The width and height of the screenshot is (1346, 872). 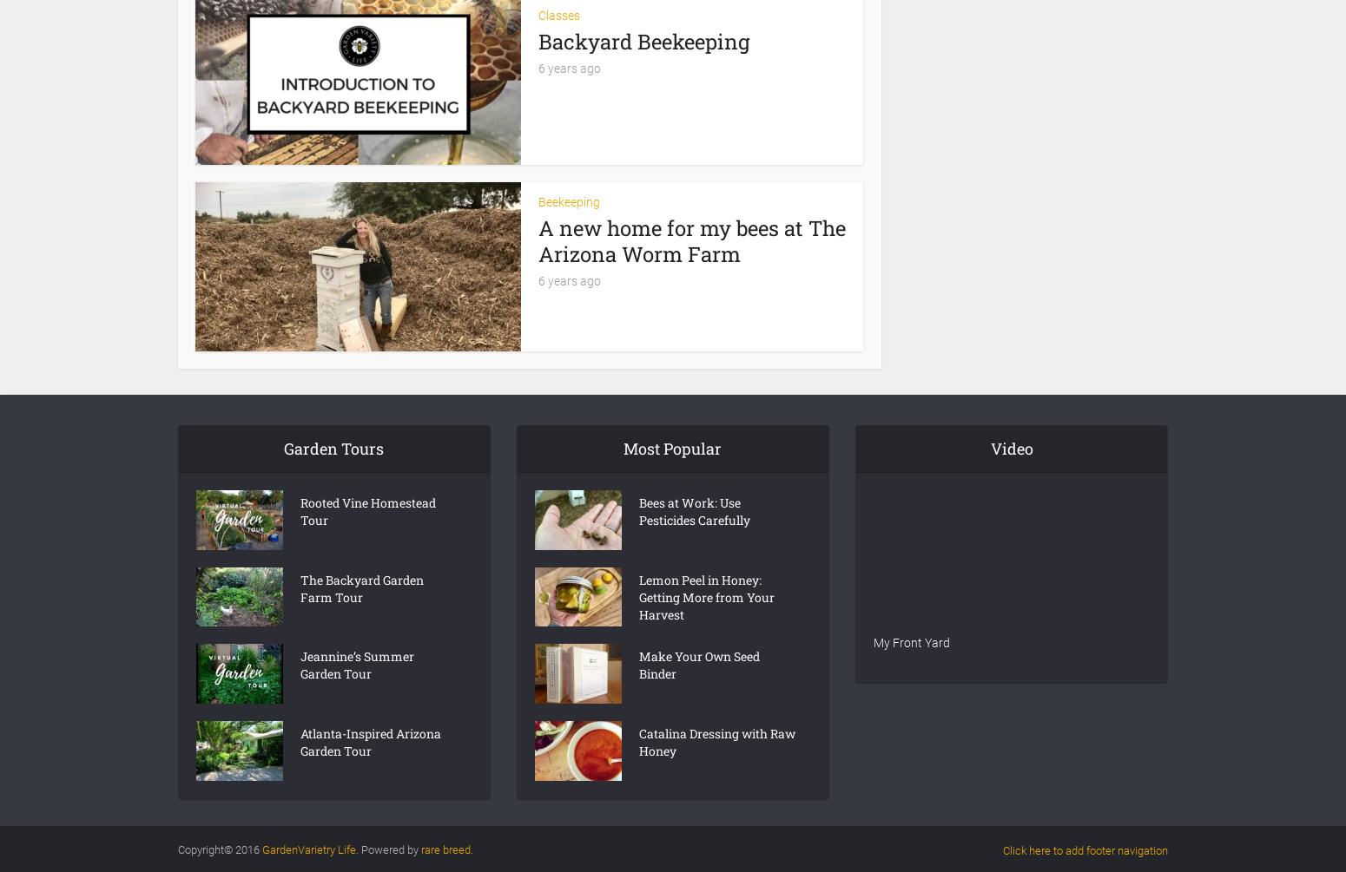 I want to click on 'rare breed', so click(x=445, y=849).